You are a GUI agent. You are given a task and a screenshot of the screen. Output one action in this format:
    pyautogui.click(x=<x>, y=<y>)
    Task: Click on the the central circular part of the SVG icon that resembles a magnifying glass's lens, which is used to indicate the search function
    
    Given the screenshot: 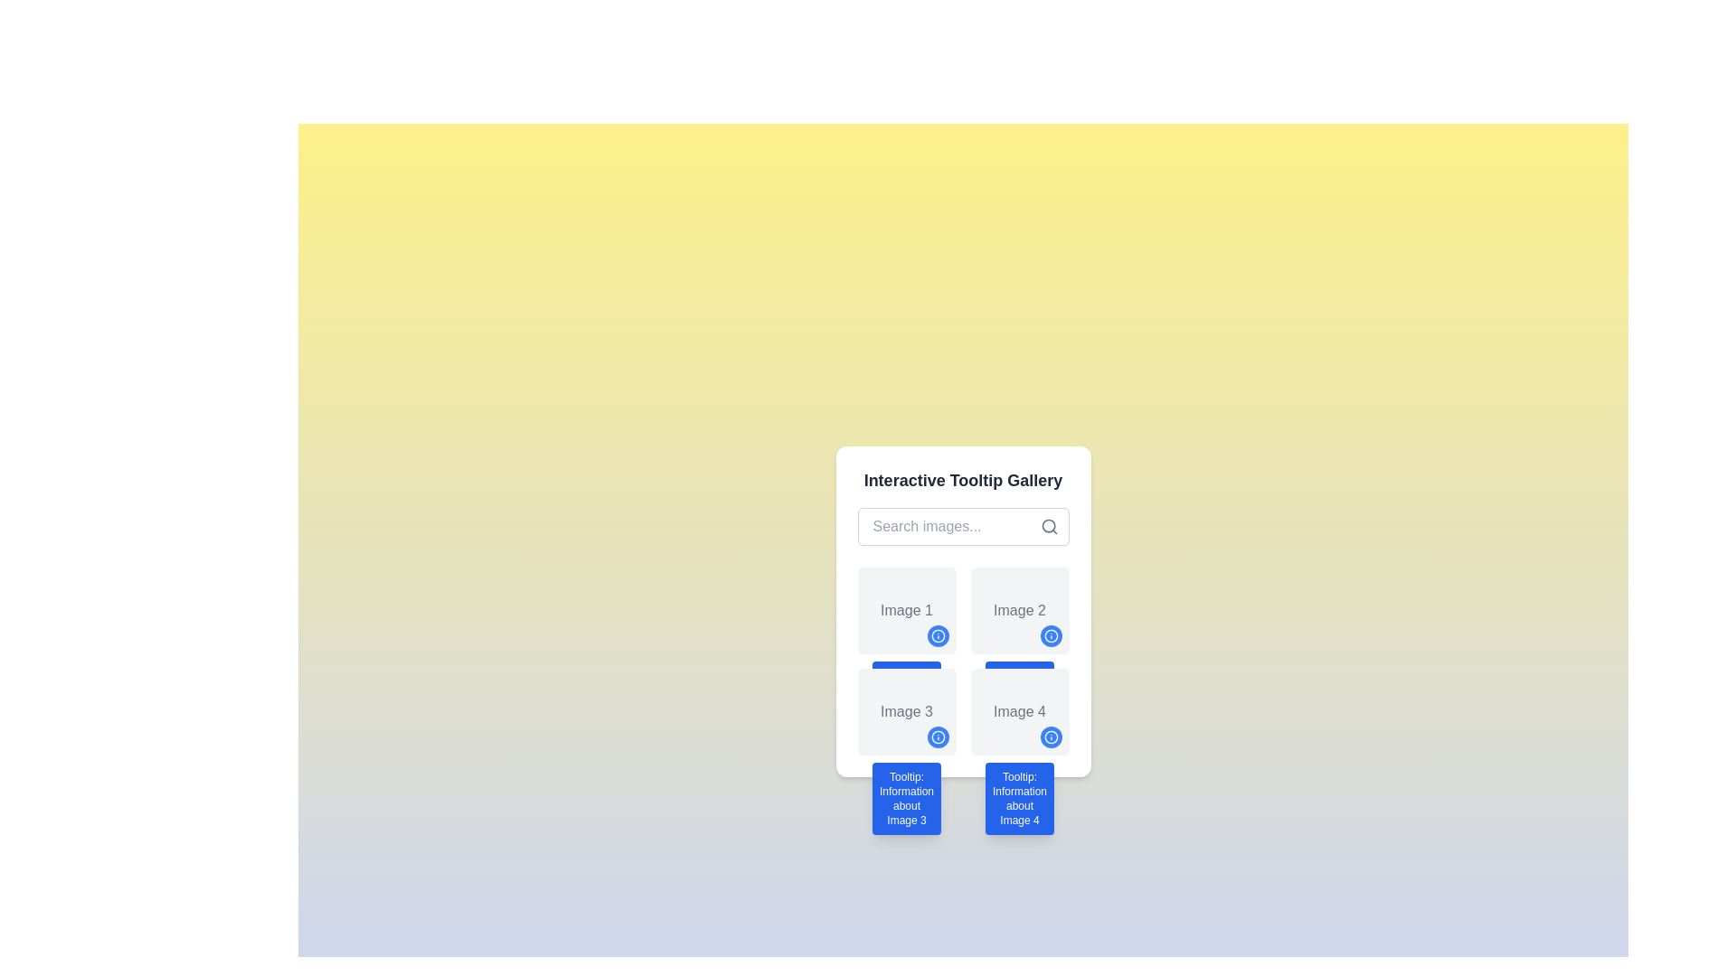 What is the action you would take?
    pyautogui.click(x=1048, y=526)
    